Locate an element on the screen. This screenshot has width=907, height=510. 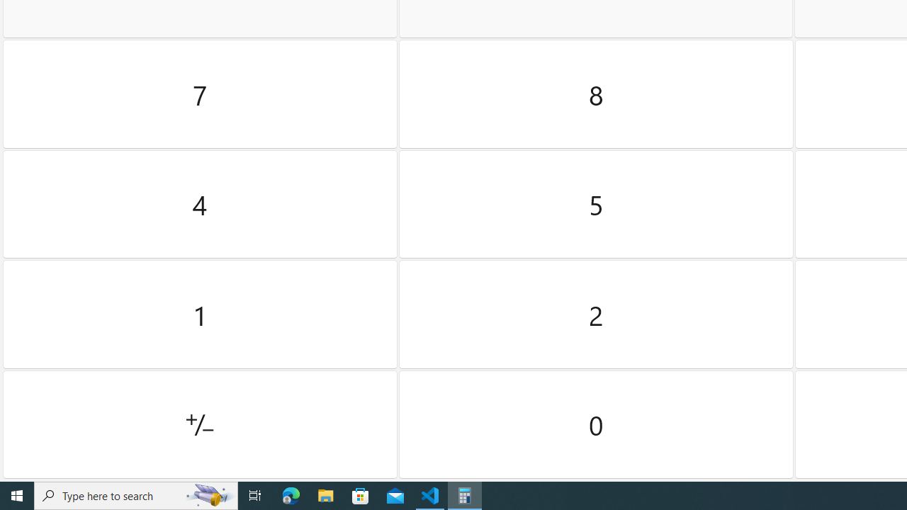
'Microsoft Edge' is located at coordinates (291, 494).